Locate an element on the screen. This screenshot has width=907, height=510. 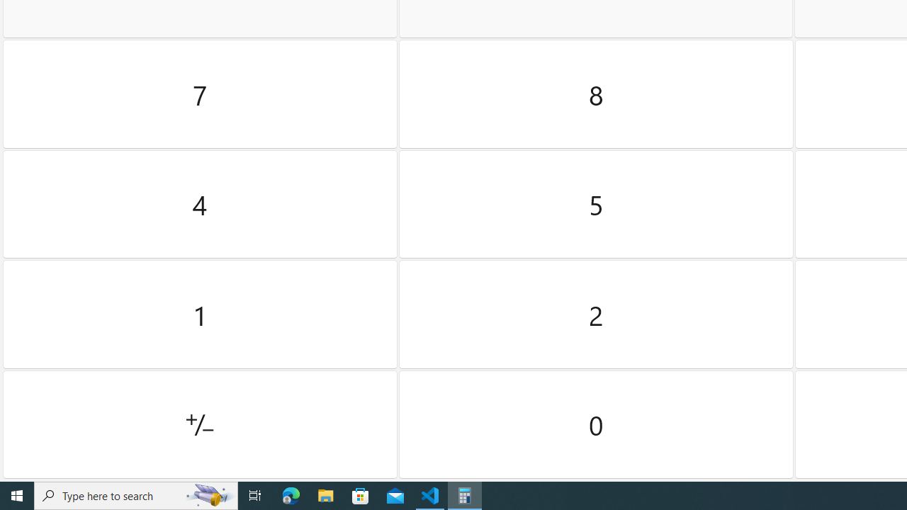
'Microsoft Edge' is located at coordinates (291, 494).